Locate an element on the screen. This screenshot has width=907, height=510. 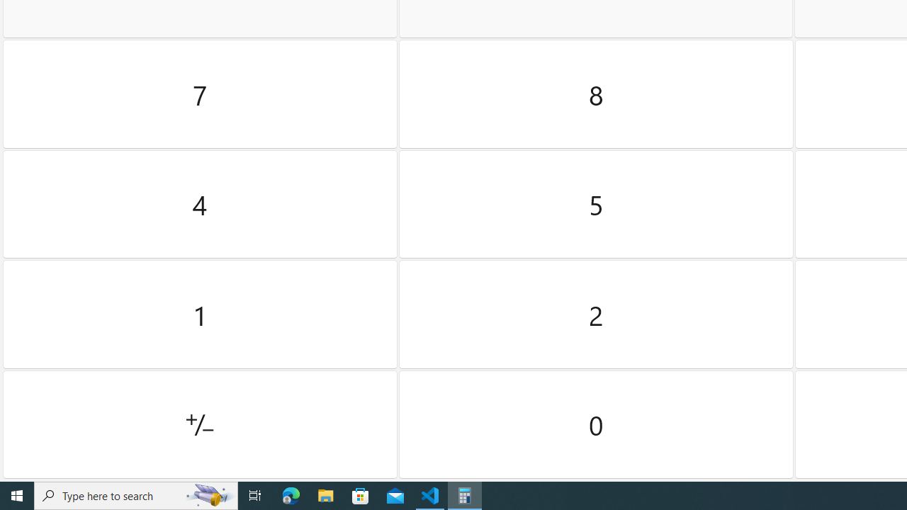
'Microsoft Edge' is located at coordinates (291, 494).